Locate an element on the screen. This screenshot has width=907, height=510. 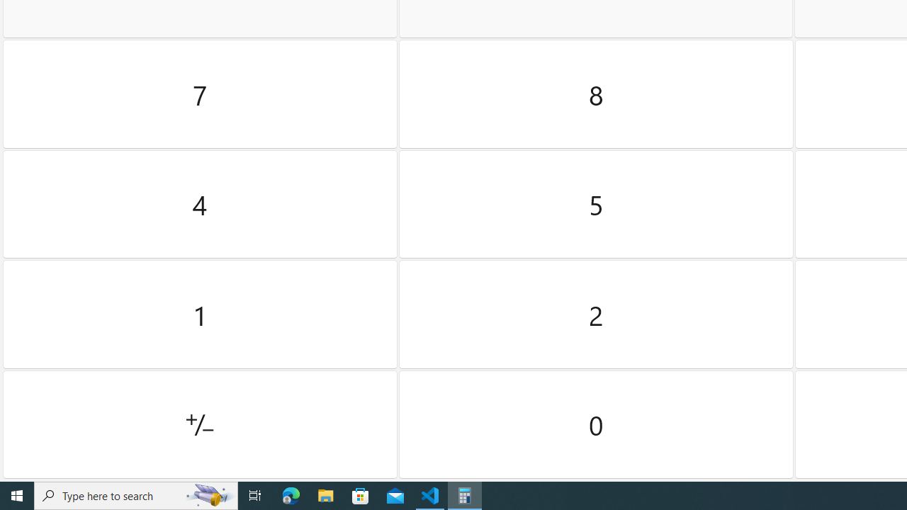
'Microsoft Edge' is located at coordinates (291, 494).